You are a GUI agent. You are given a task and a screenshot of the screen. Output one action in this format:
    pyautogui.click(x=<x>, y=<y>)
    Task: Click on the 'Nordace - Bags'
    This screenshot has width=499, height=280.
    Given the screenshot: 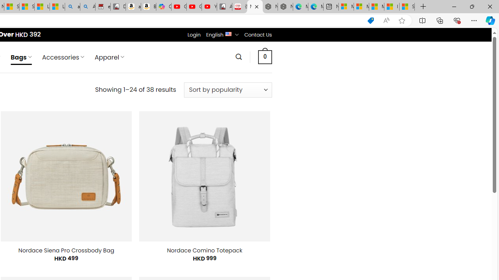 What is the action you would take?
    pyautogui.click(x=255, y=7)
    